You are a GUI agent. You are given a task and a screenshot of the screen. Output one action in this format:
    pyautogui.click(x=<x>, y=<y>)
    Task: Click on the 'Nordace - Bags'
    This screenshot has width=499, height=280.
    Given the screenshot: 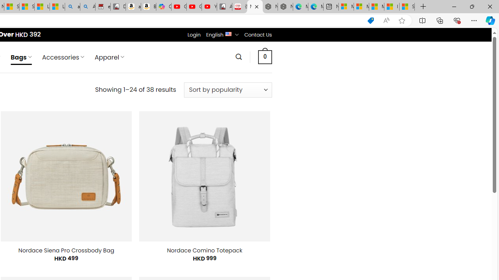 What is the action you would take?
    pyautogui.click(x=255, y=7)
    